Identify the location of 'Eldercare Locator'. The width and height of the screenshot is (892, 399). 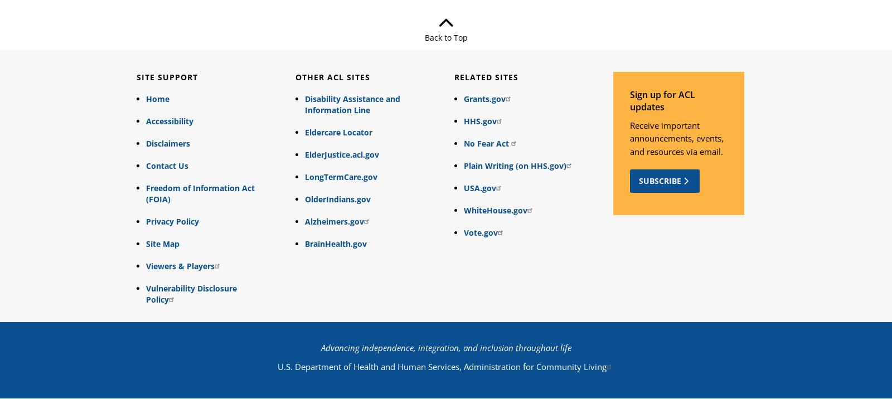
(338, 132).